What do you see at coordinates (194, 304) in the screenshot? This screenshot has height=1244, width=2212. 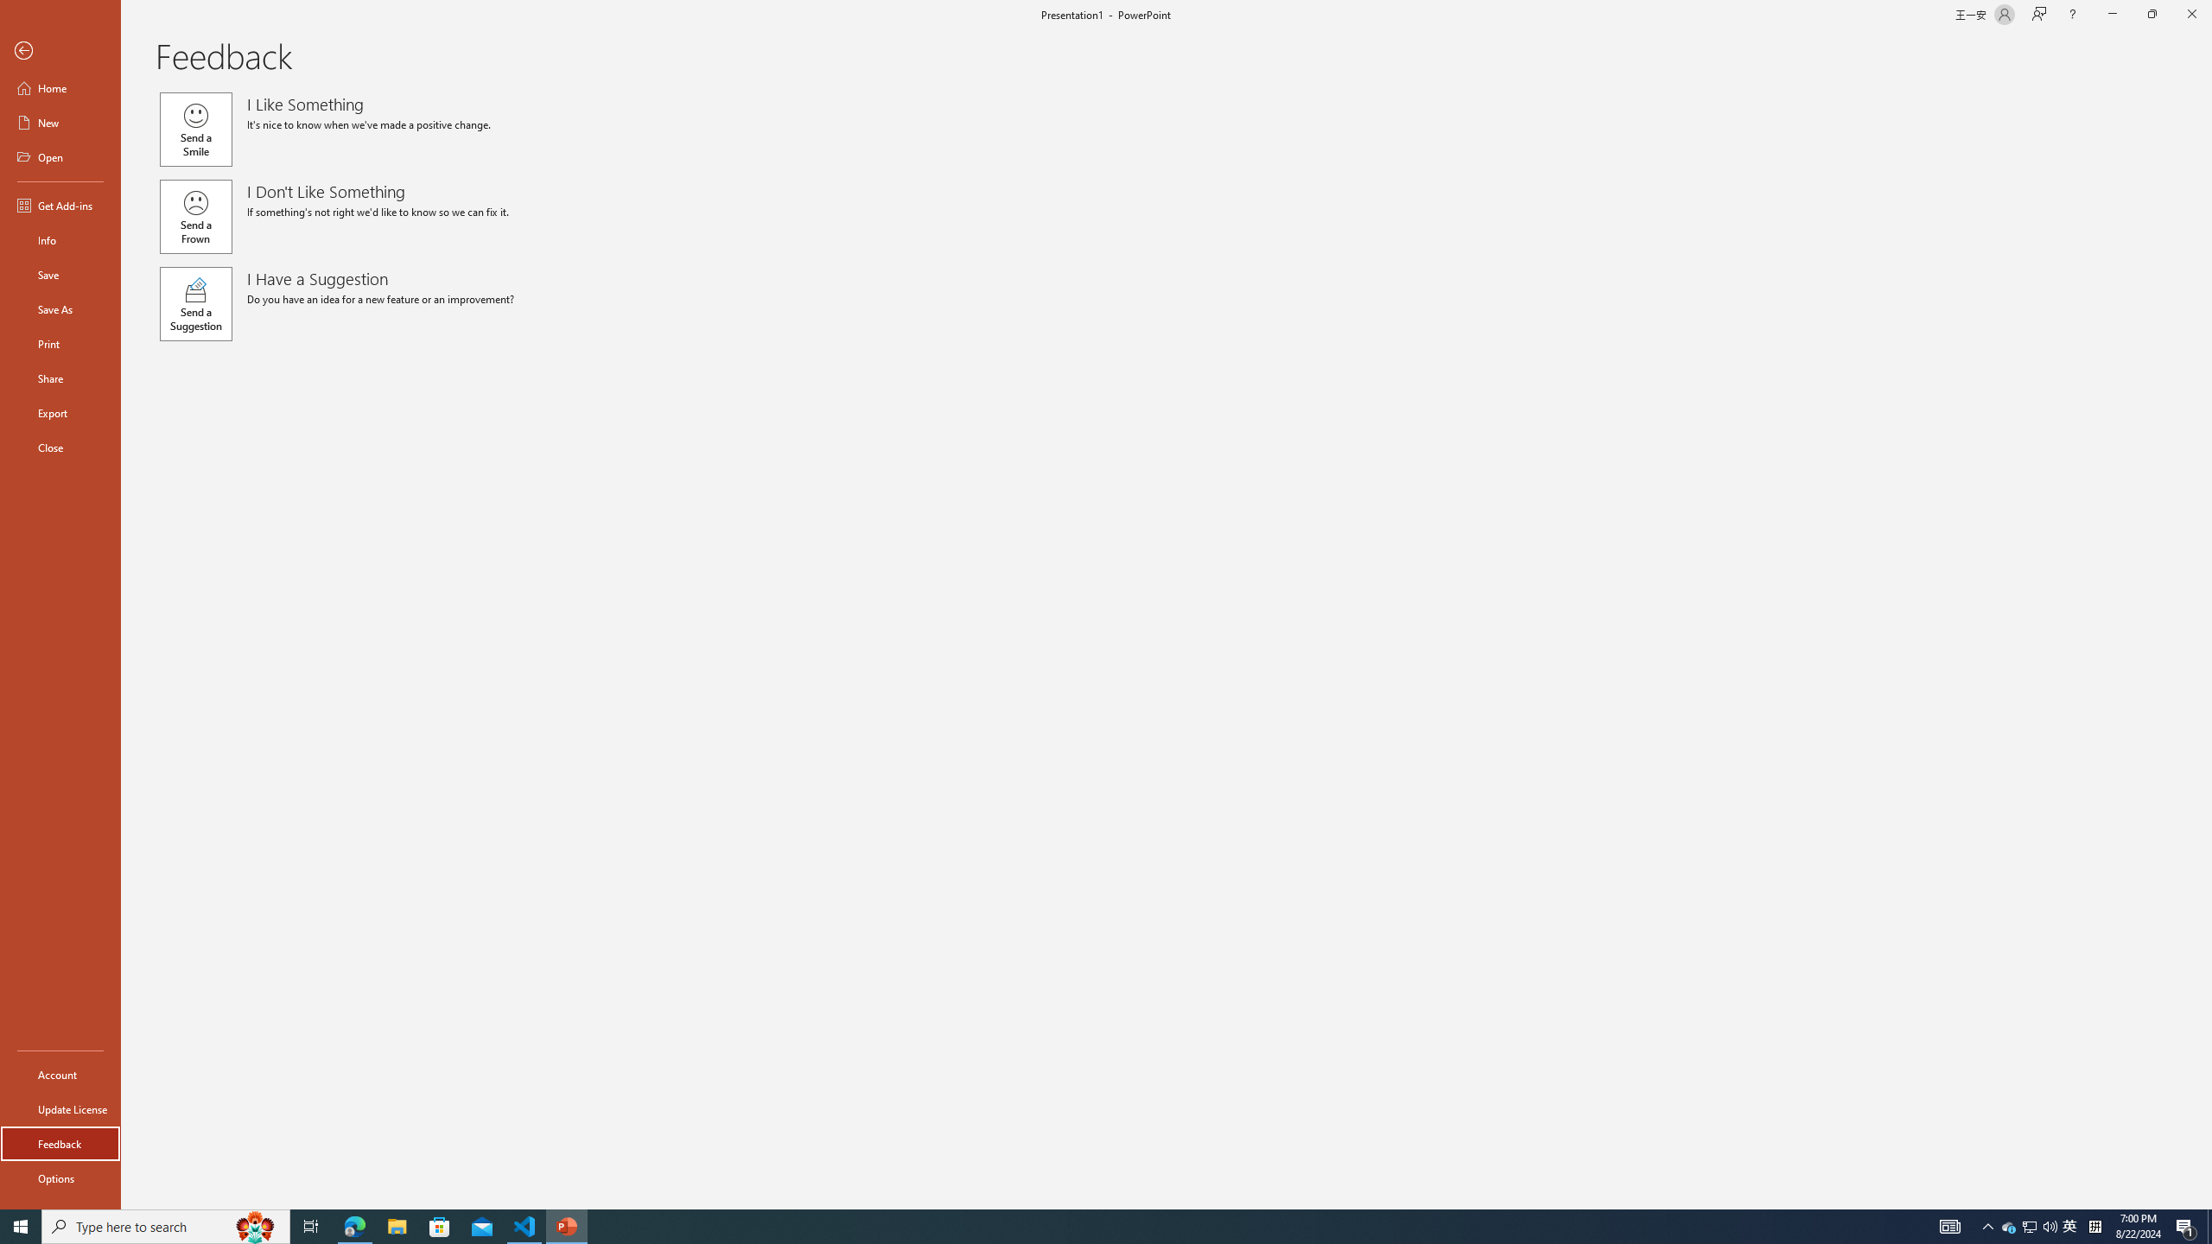 I see `'Send a Suggestion'` at bounding box center [194, 304].